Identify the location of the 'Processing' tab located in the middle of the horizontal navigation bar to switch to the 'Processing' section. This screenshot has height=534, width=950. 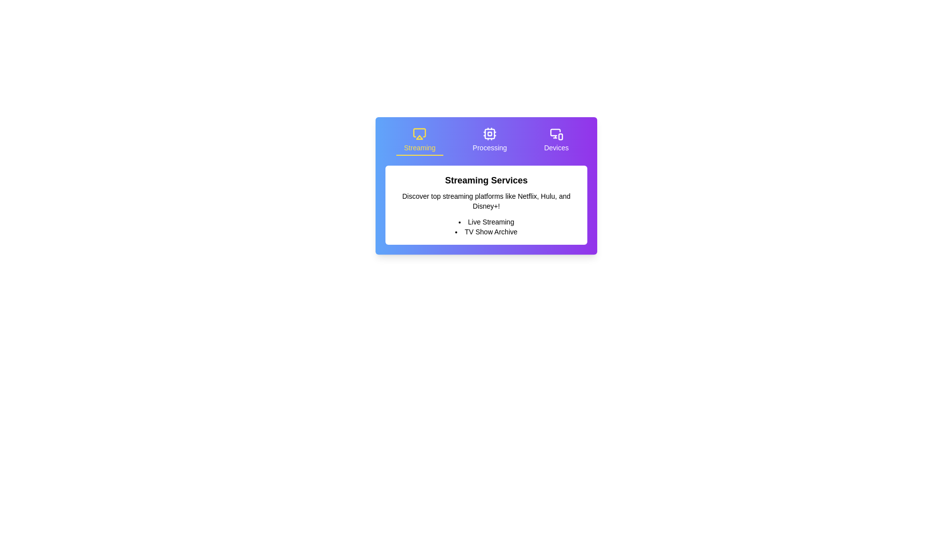
(489, 141).